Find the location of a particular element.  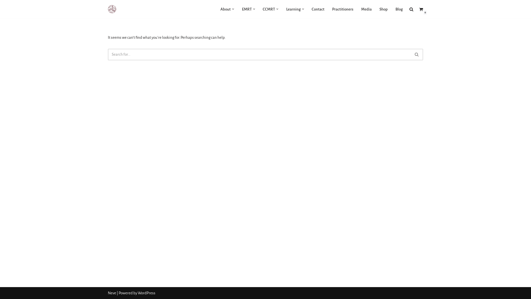

'EMRT' is located at coordinates (241, 9).